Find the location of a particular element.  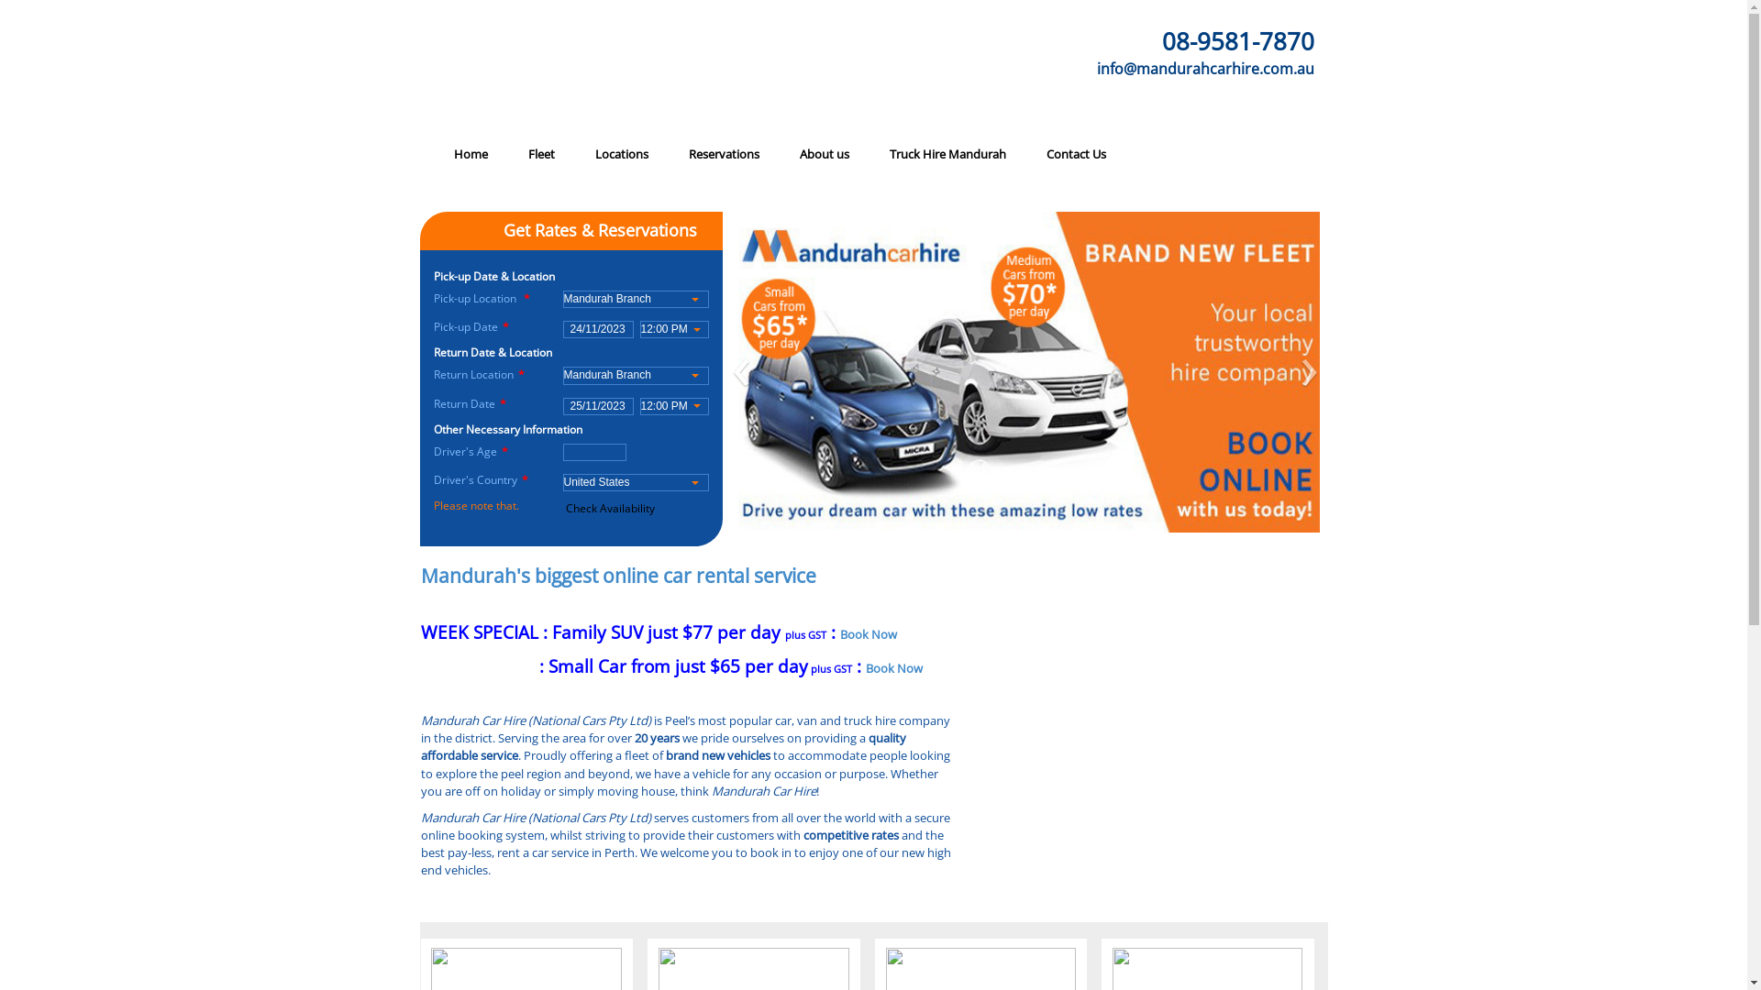

'Truck Hire Mandurah' is located at coordinates (947, 153).